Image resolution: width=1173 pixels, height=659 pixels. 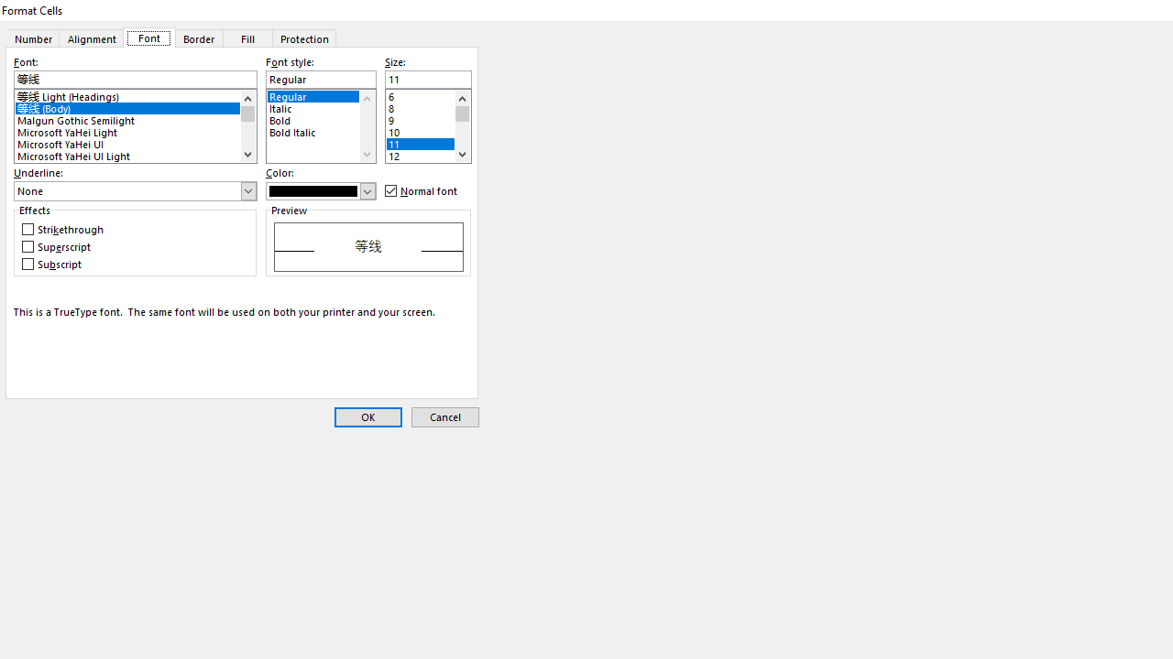 What do you see at coordinates (148, 38) in the screenshot?
I see `'Font'` at bounding box center [148, 38].